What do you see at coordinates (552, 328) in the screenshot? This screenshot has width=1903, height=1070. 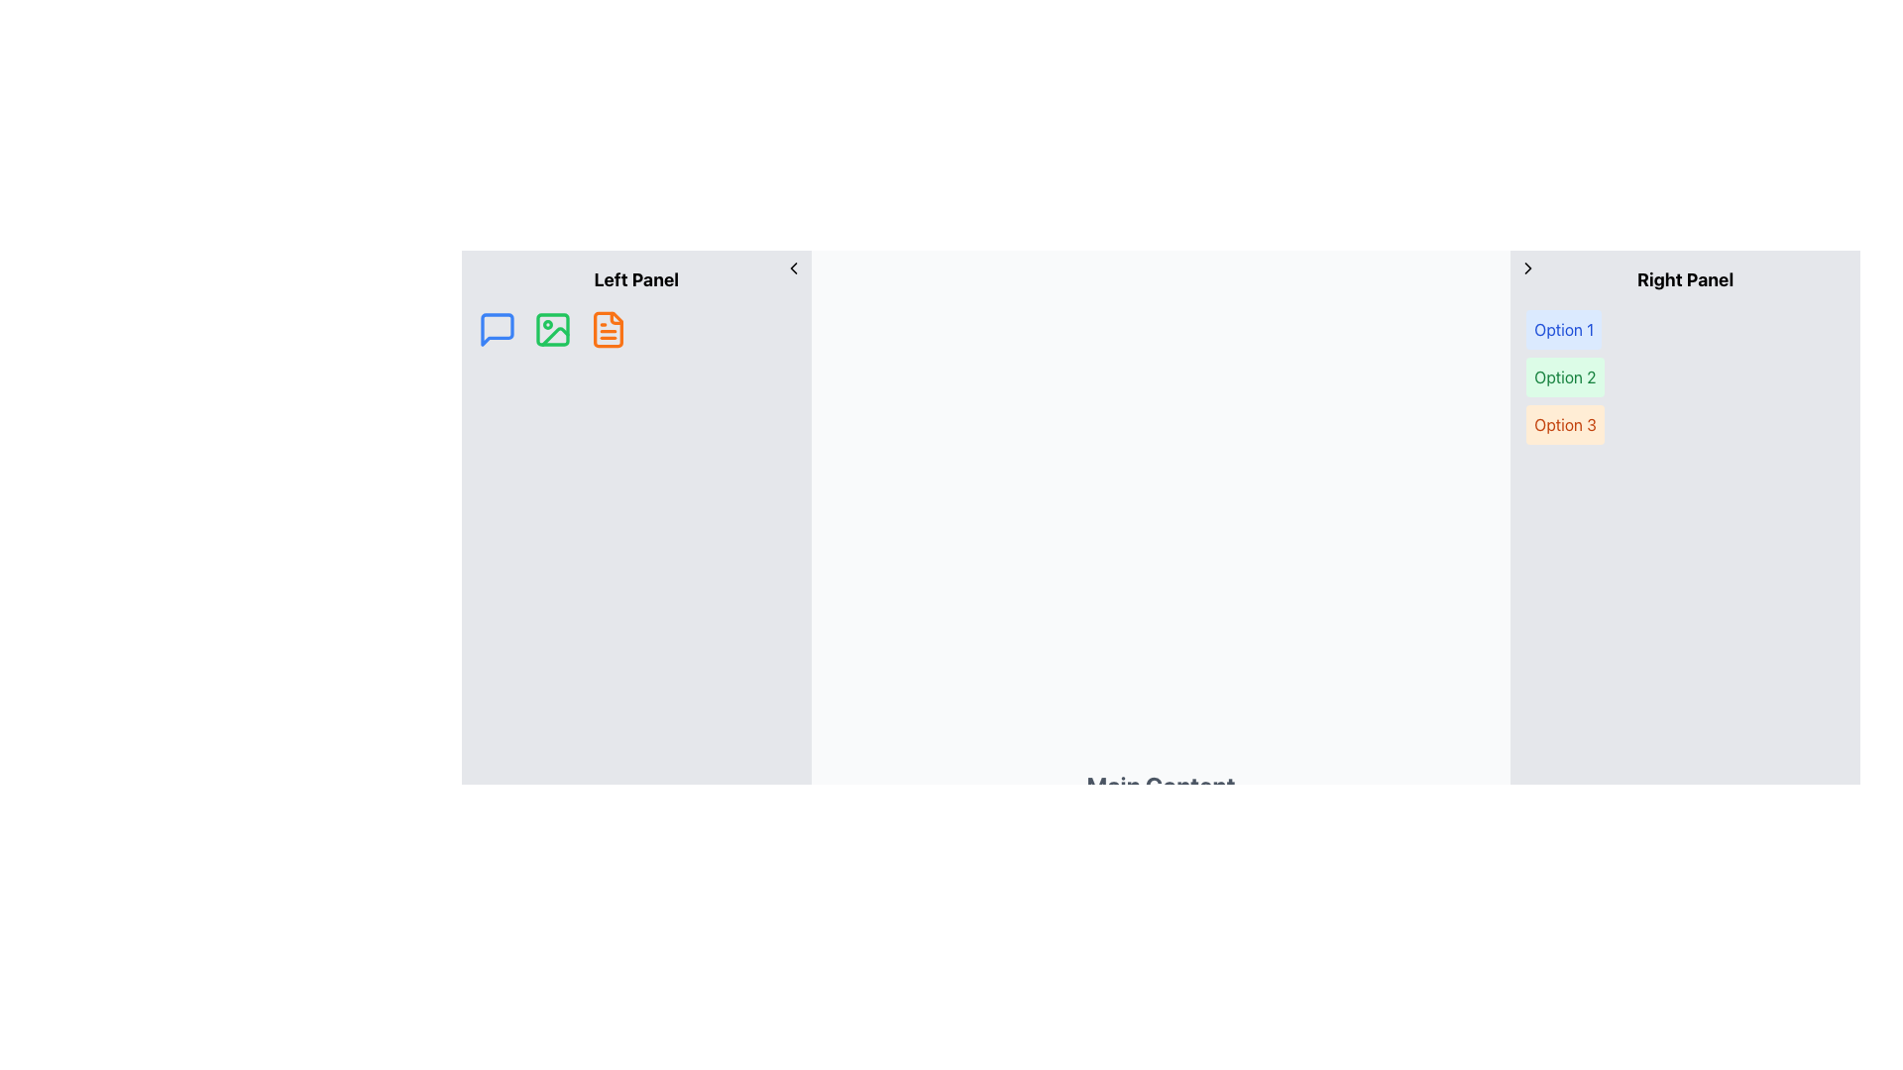 I see `the green-themed image icon represented by the SVG rectangle with rounded corners located in the left panel of the interface` at bounding box center [552, 328].